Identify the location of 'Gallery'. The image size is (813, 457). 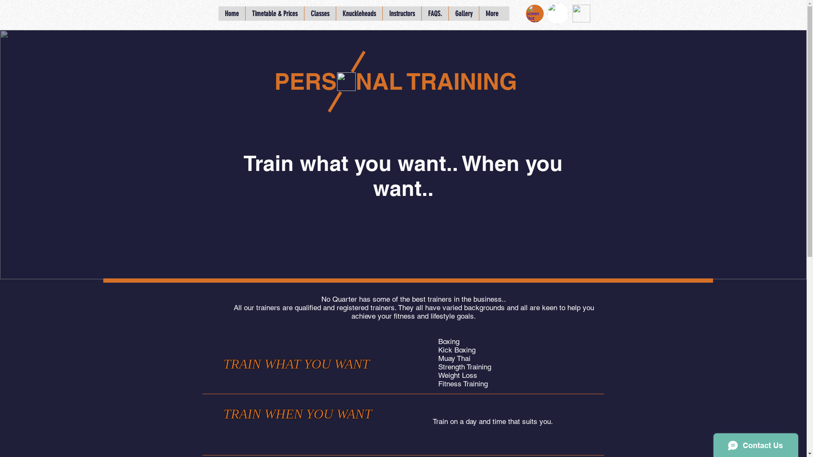
(463, 13).